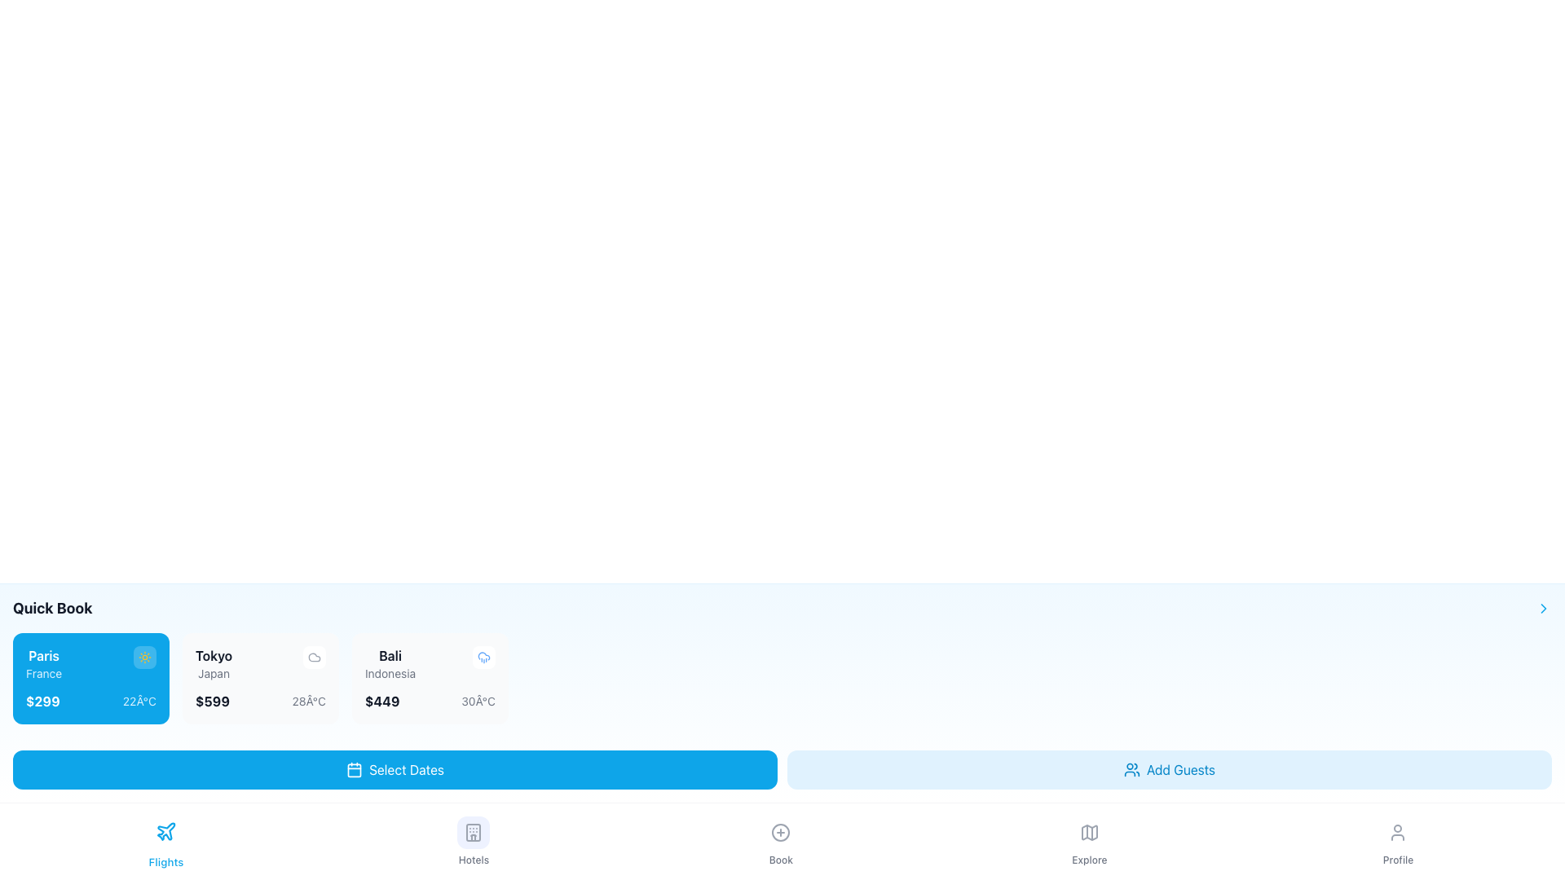 The height and width of the screenshot is (880, 1565). What do you see at coordinates (483, 656) in the screenshot?
I see `the weather indicator icon button located at the top-right corner of the card labeled 'Bali'` at bounding box center [483, 656].